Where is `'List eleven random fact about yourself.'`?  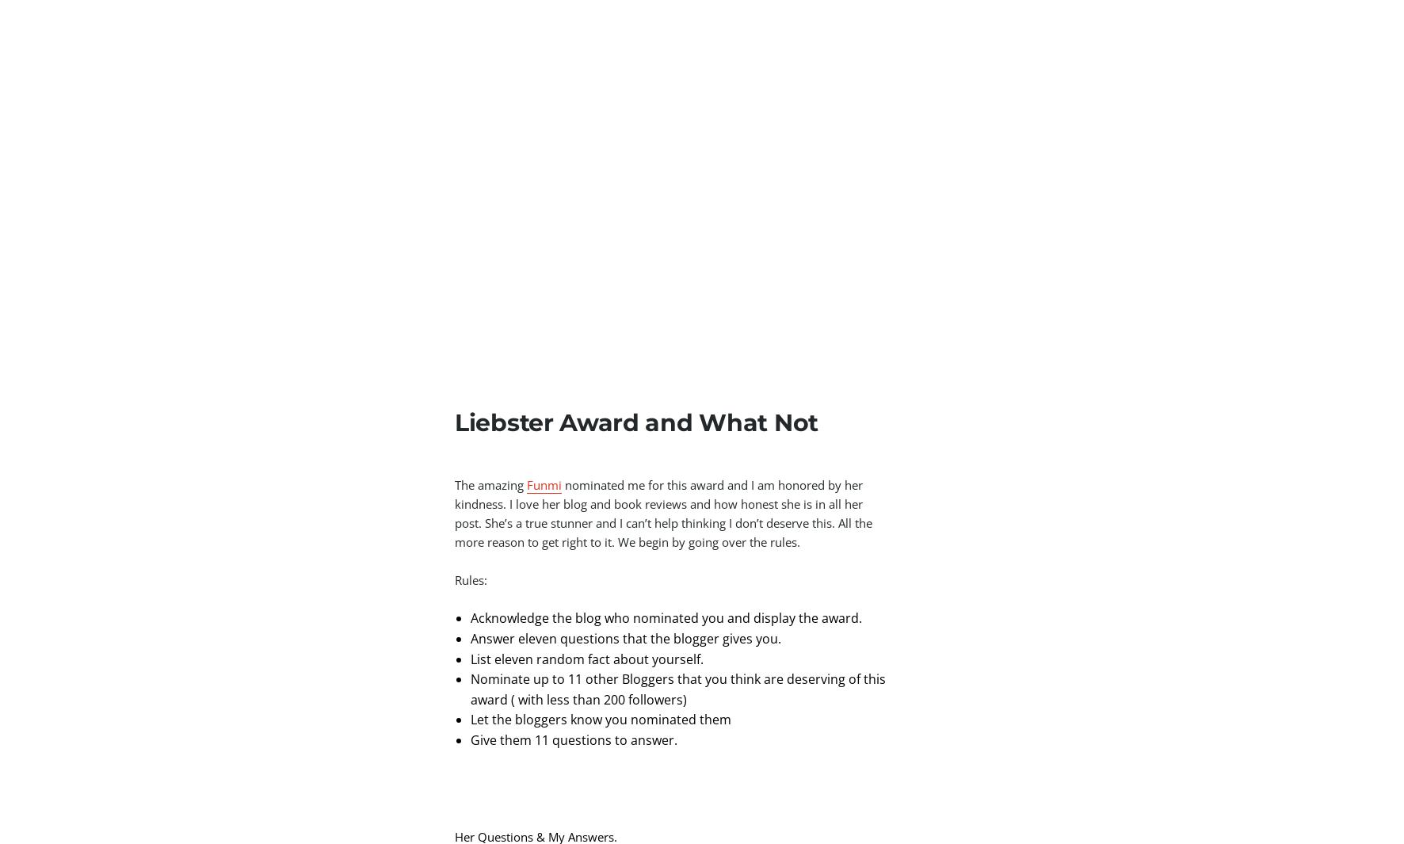
'List eleven random fact about yourself.' is located at coordinates (470, 659).